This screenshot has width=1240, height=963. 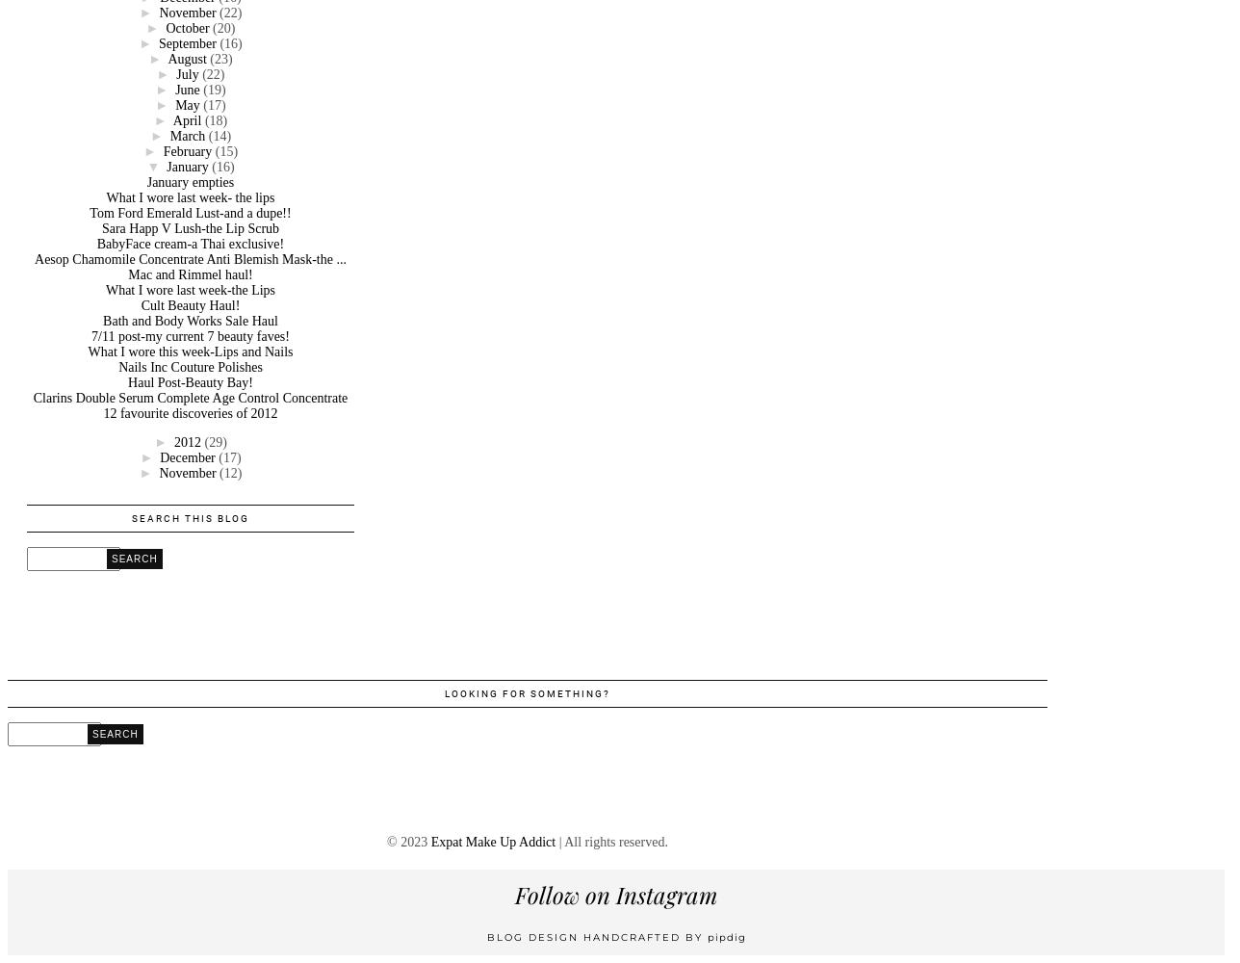 What do you see at coordinates (226, 150) in the screenshot?
I see `'(15)'` at bounding box center [226, 150].